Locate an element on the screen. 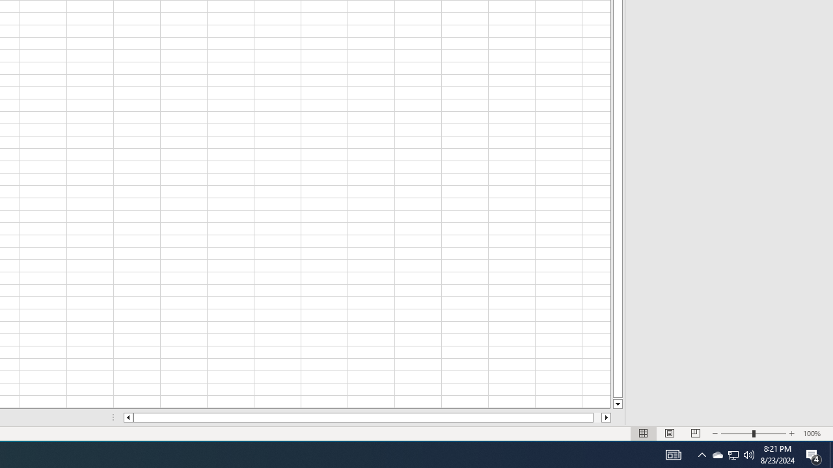 Image resolution: width=833 pixels, height=468 pixels. 'Page right' is located at coordinates (596, 417).